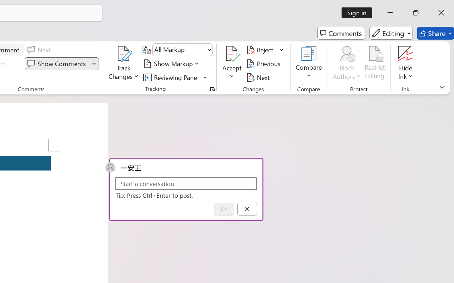  I want to click on 'Block Authors', so click(347, 53).